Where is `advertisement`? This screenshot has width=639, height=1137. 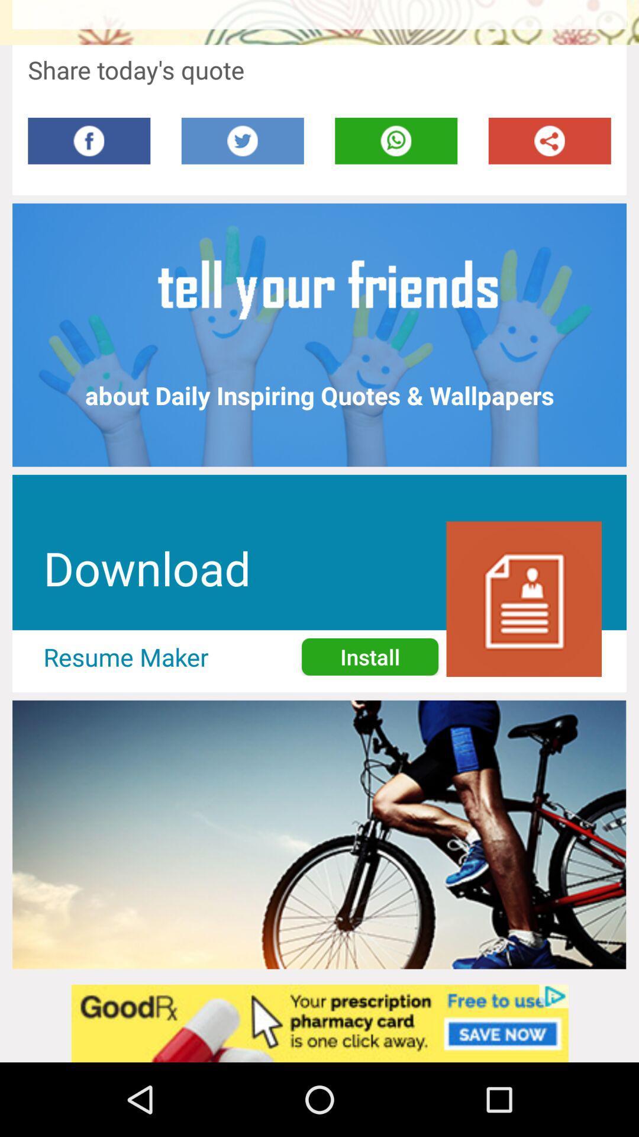 advertisement is located at coordinates (319, 1023).